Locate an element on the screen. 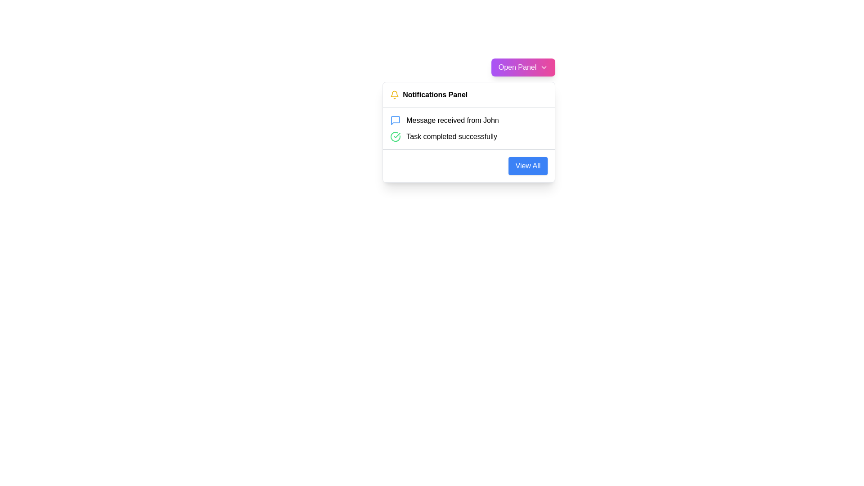  the second notification item labeled 'Task completed successfully' in the Notification List located in the Notifications Panel is located at coordinates (468, 128).